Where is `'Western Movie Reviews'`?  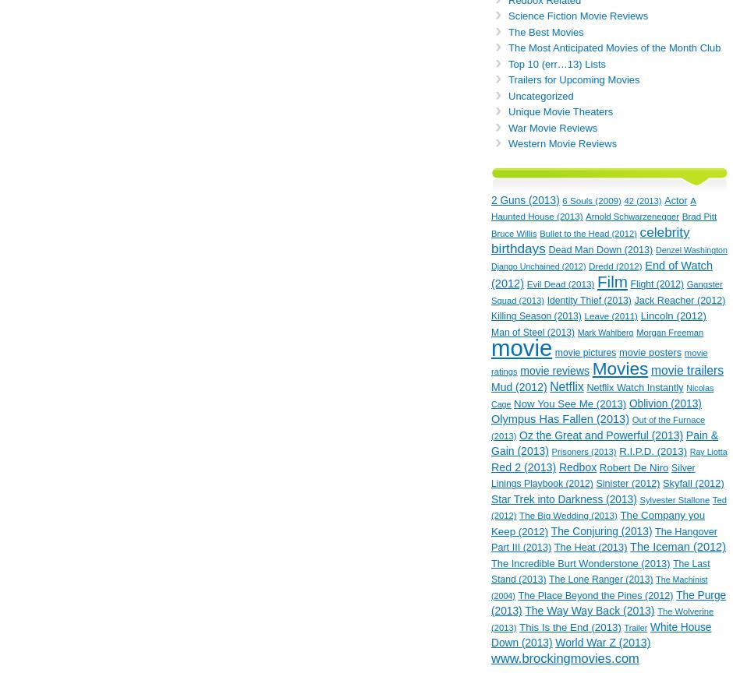 'Western Movie Reviews' is located at coordinates (508, 143).